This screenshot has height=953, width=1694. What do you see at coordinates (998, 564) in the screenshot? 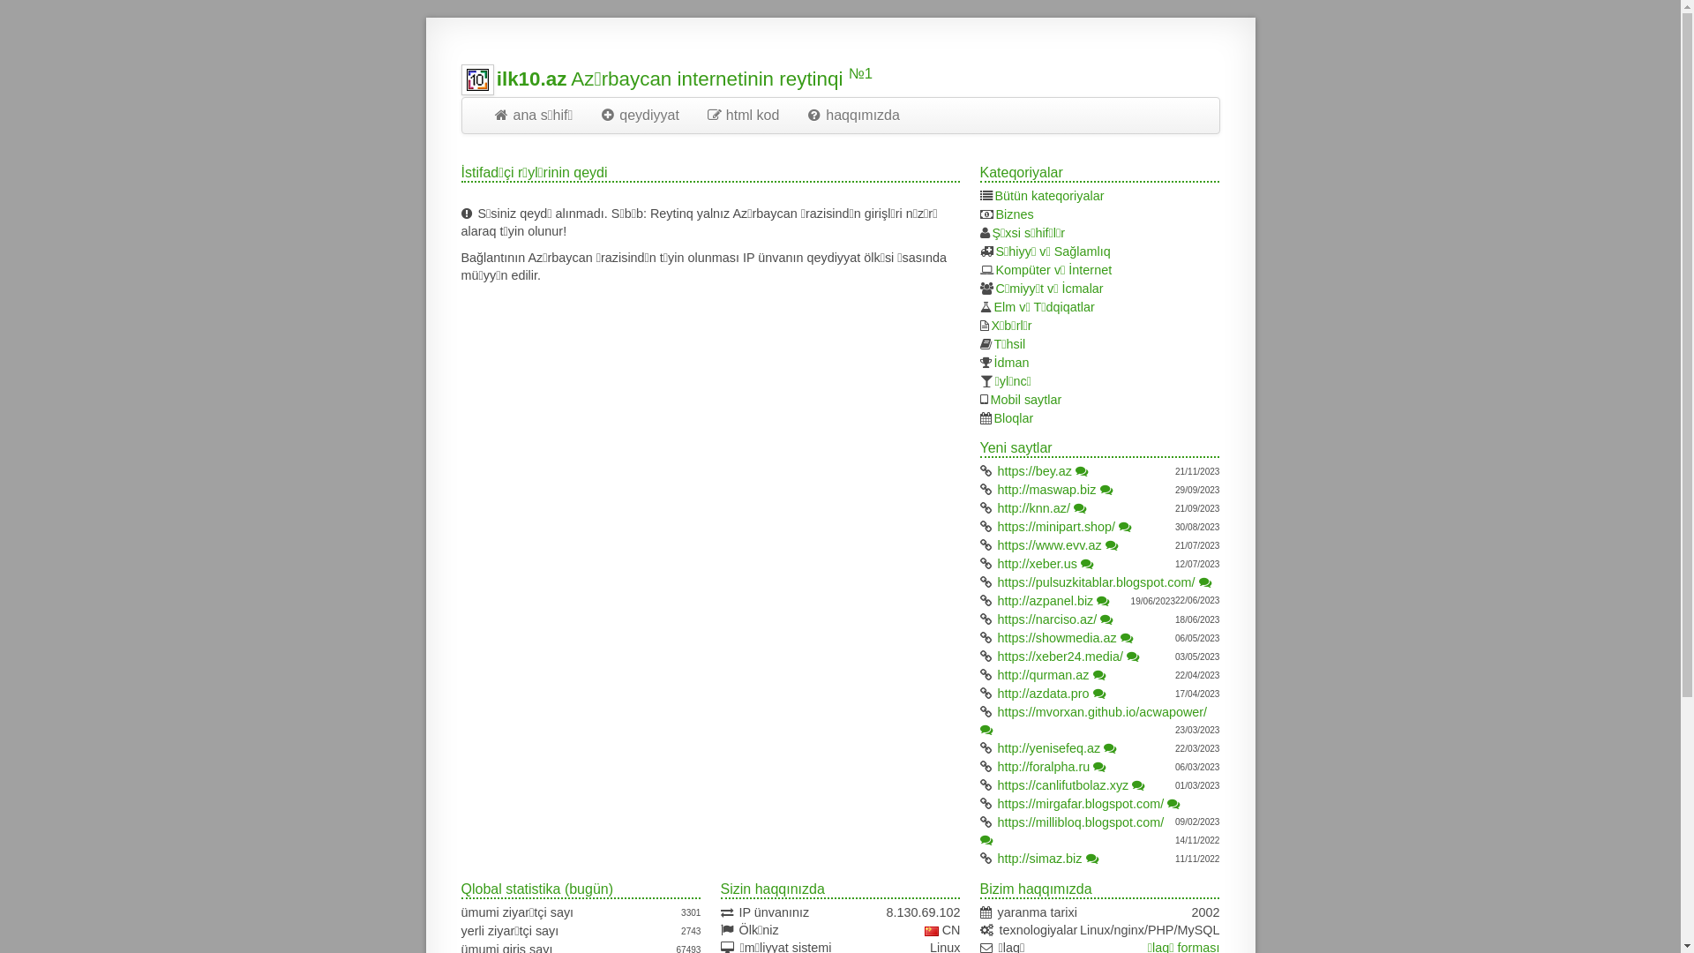
I see `'http://xeber.us'` at bounding box center [998, 564].